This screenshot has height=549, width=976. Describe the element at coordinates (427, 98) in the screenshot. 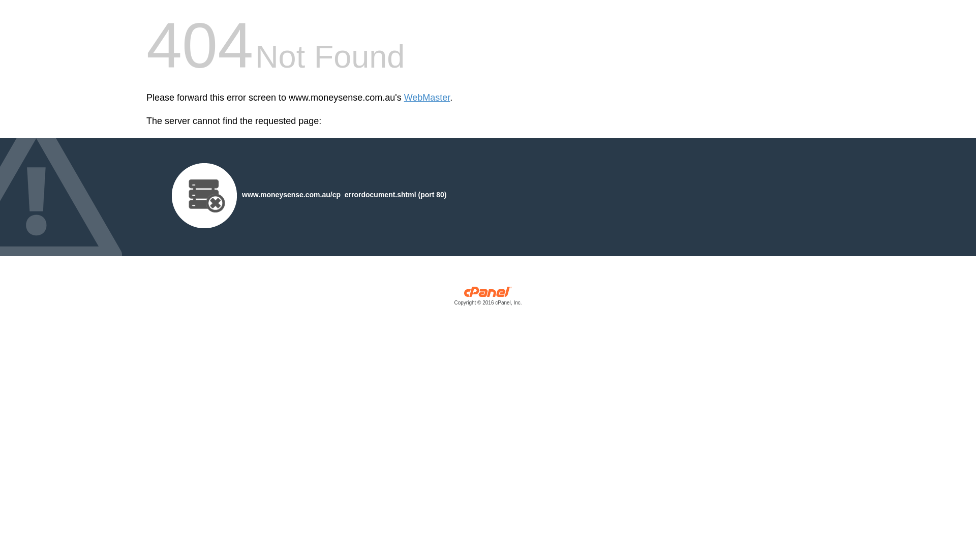

I see `'WebMaster'` at that location.